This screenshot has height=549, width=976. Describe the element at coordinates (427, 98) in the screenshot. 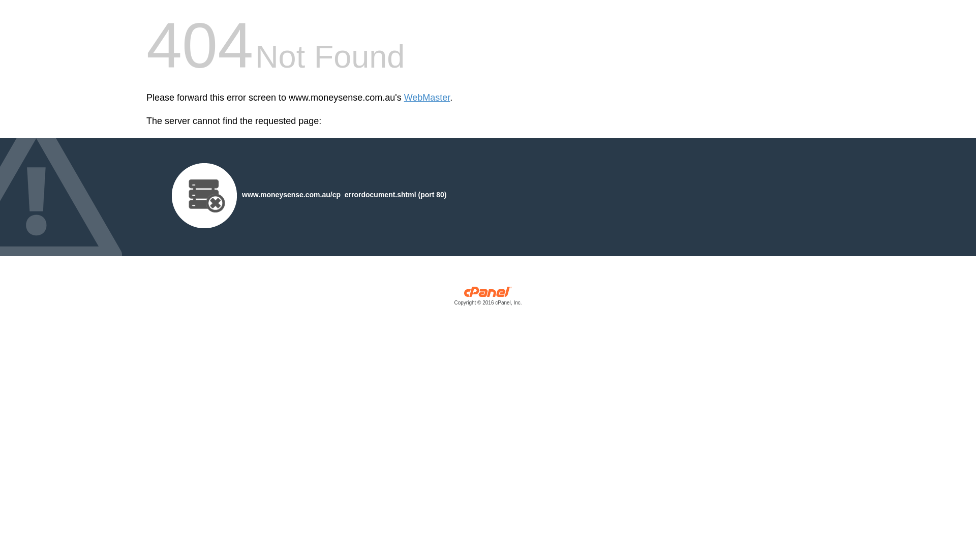

I see `'WebMaster'` at that location.